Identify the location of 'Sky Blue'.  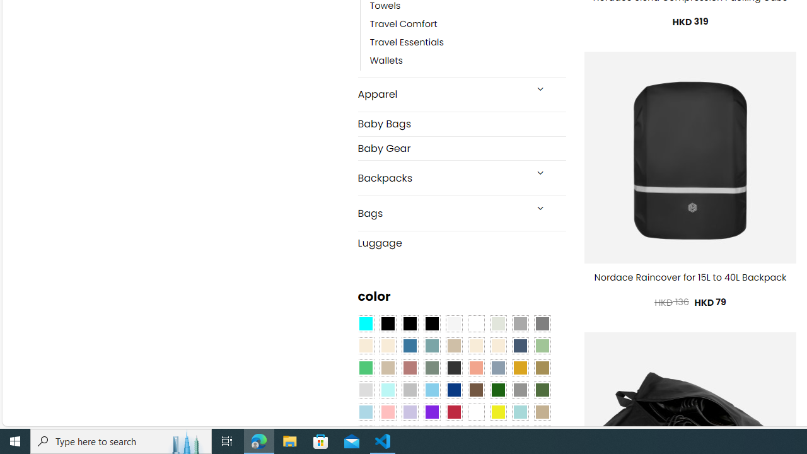
(431, 390).